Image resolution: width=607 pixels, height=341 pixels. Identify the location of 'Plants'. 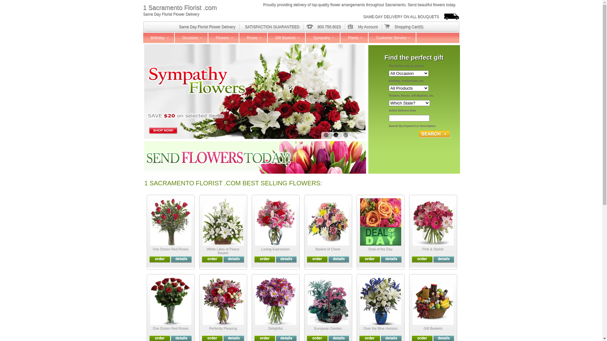
(354, 38).